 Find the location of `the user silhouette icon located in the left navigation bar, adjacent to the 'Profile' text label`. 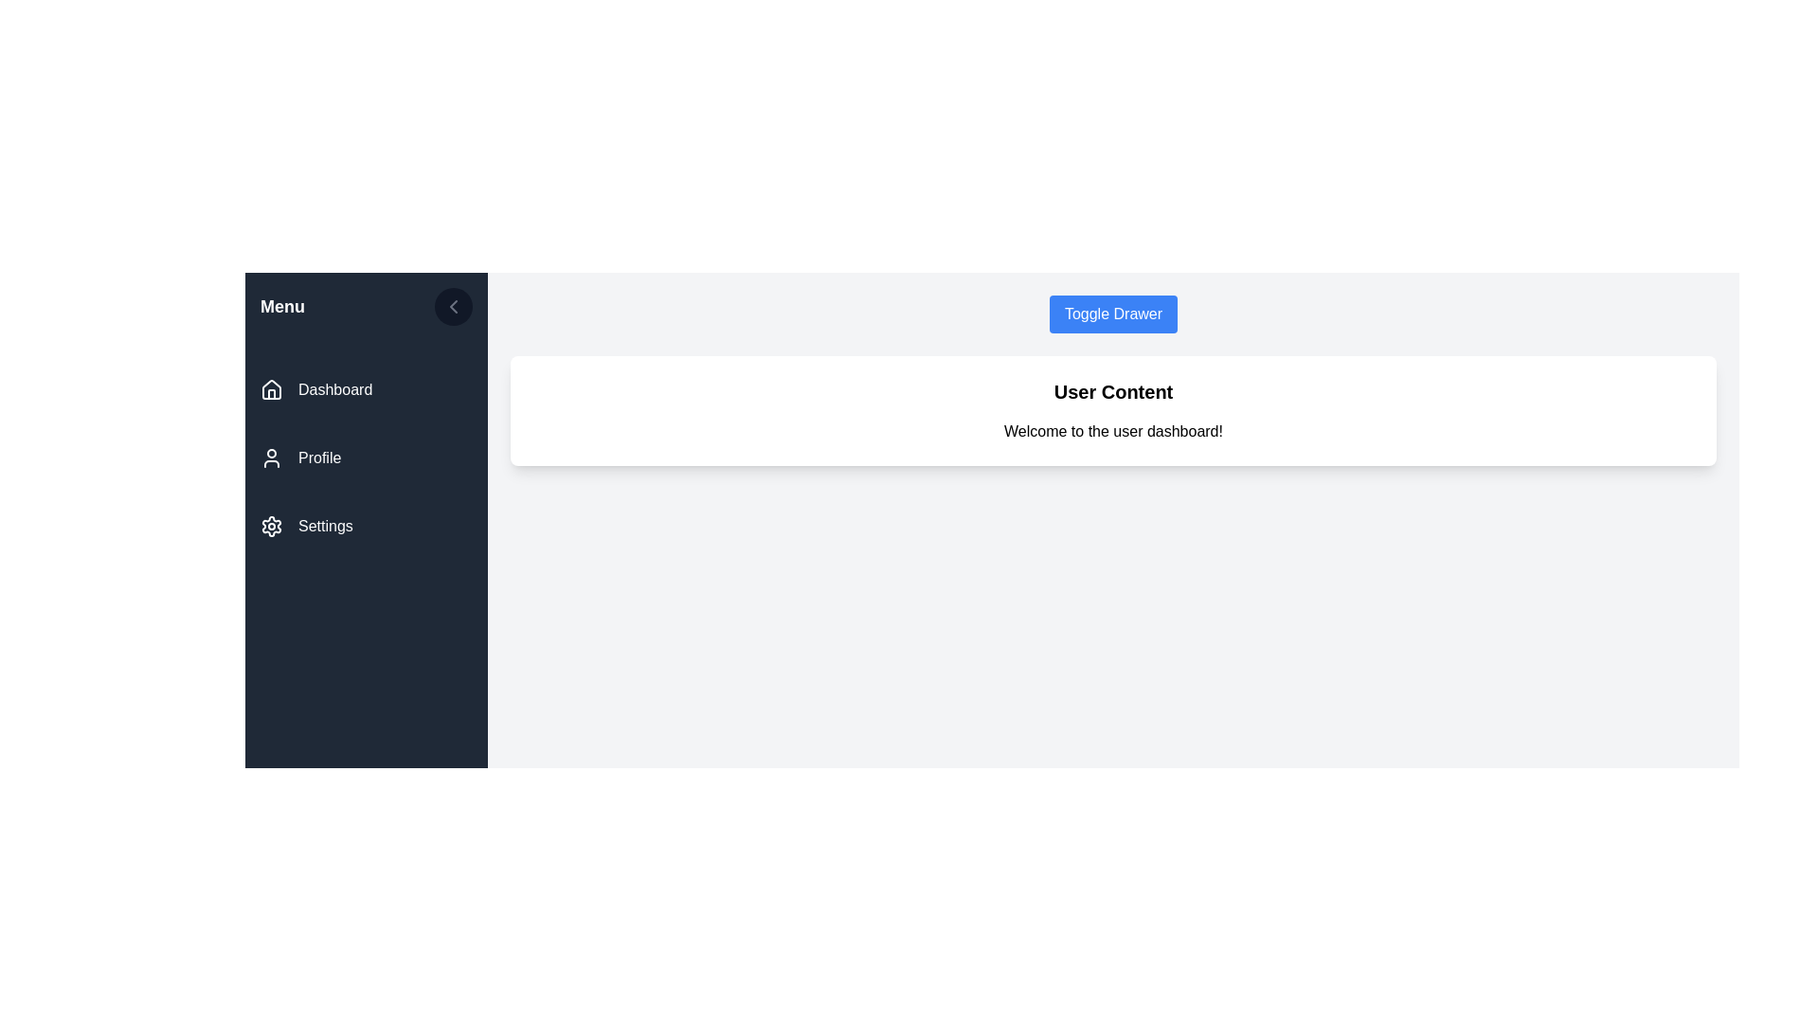

the user silhouette icon located in the left navigation bar, adjacent to the 'Profile' text label is located at coordinates (271, 458).